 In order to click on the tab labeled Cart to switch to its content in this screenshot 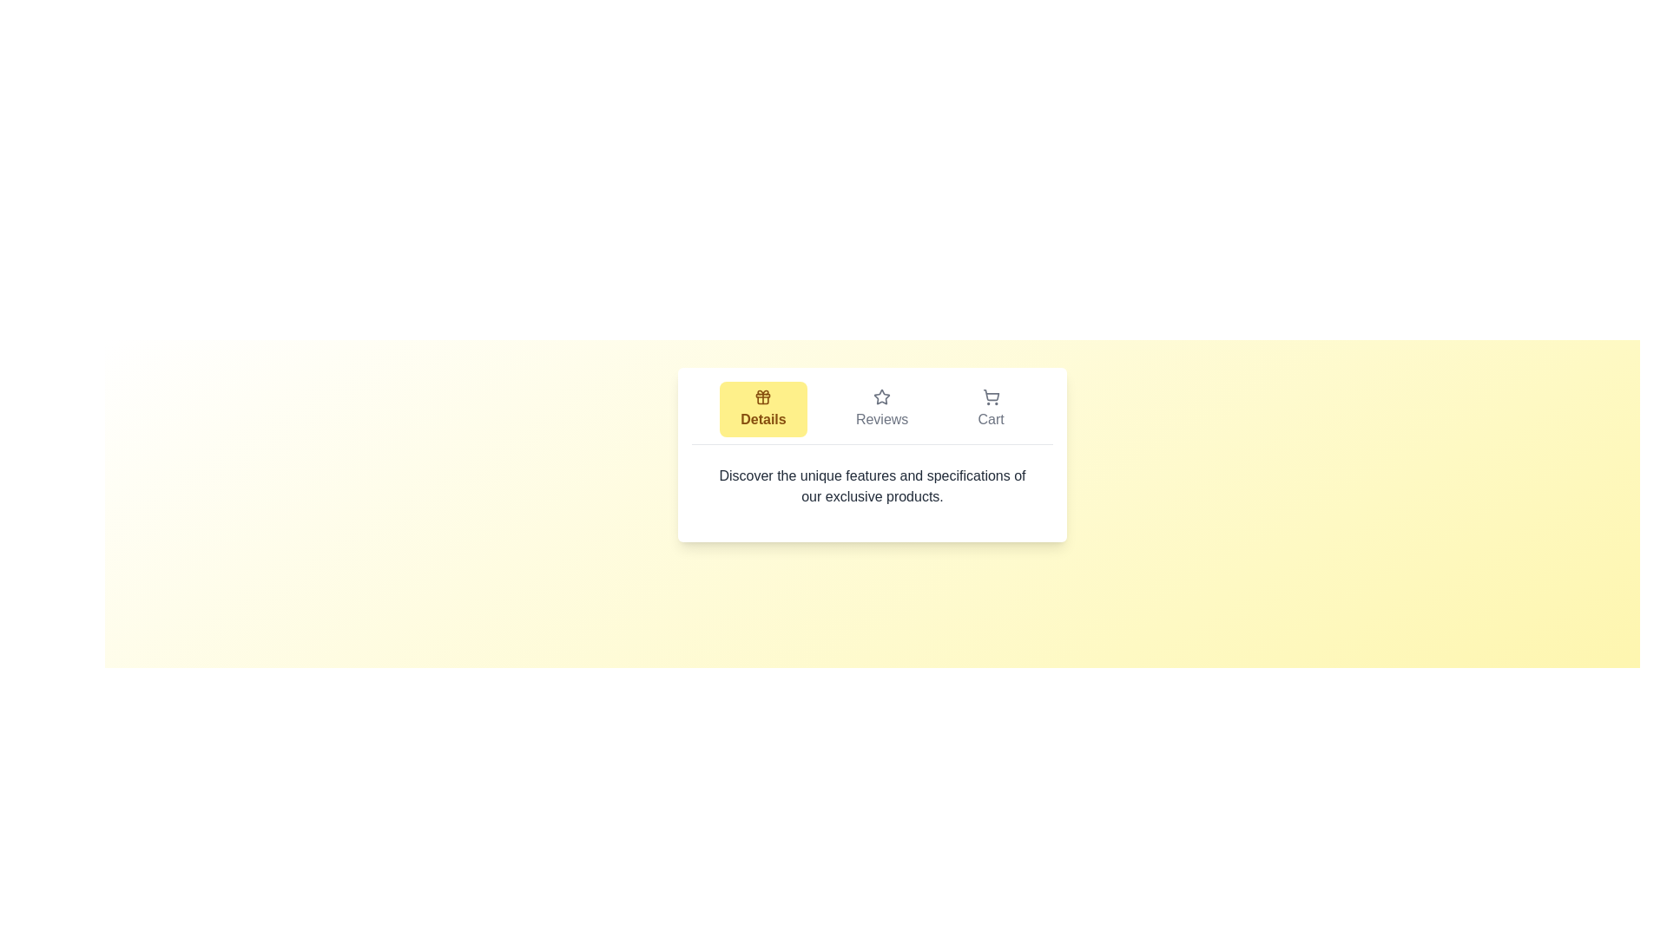, I will do `click(991, 409)`.